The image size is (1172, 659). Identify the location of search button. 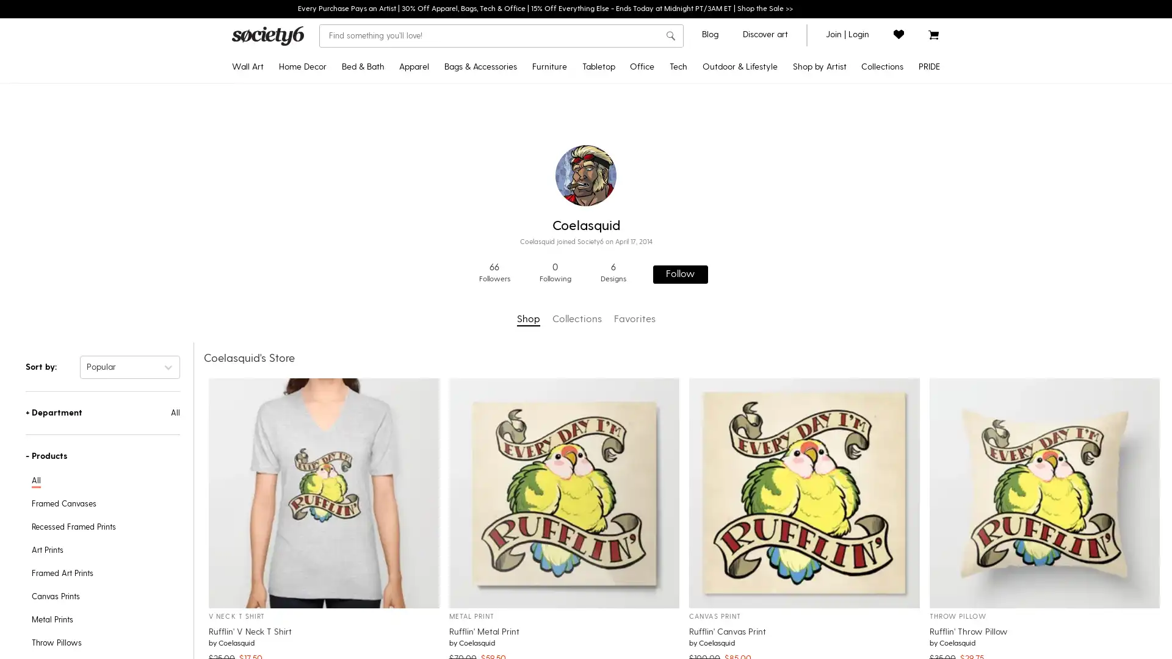
(670, 36).